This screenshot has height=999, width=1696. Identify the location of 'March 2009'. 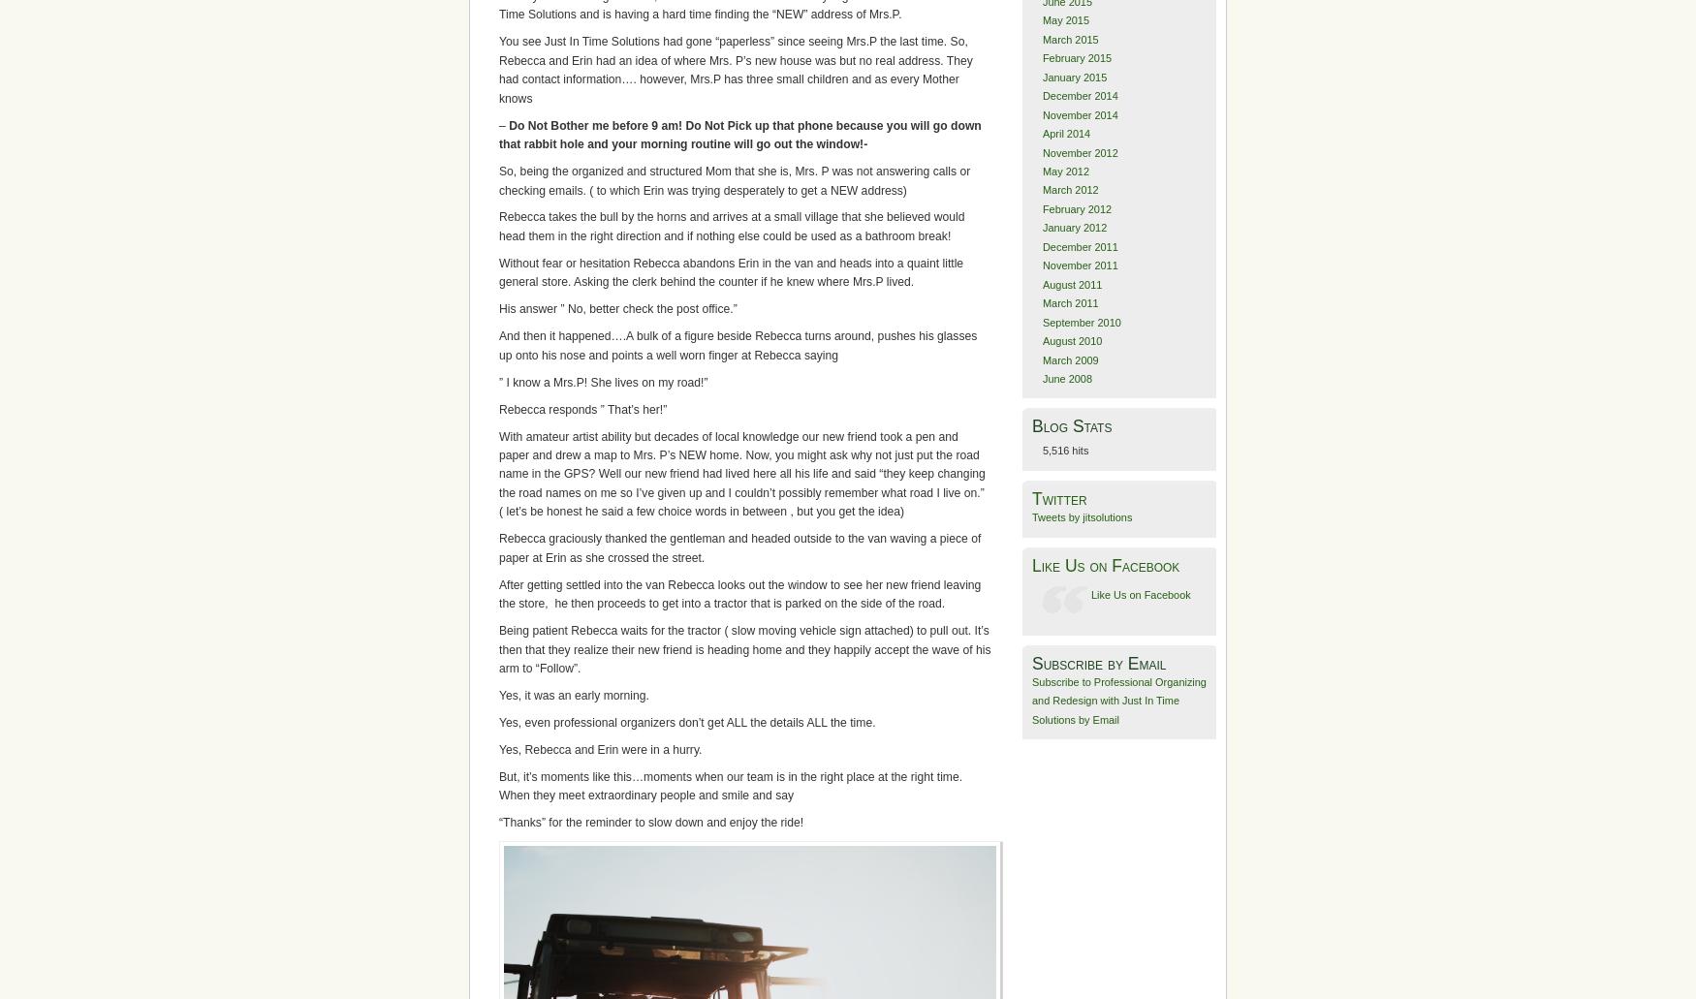
(1042, 358).